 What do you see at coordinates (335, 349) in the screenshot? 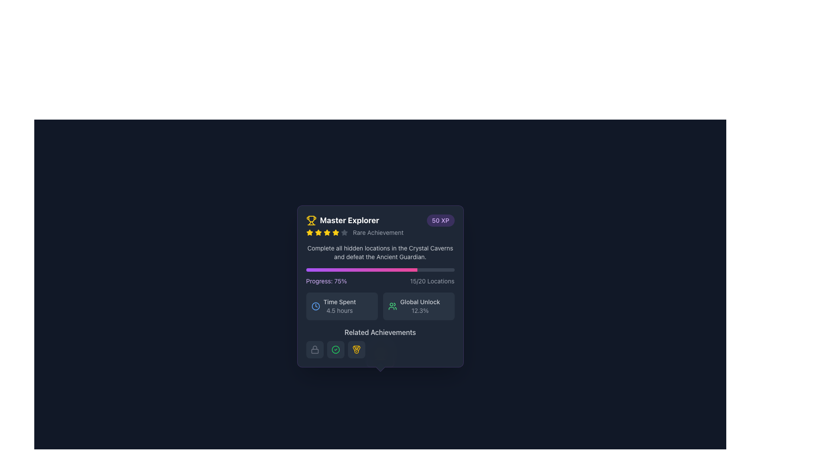
I see `the second circular icon button containing a green checkmark in the 'Related Achievements' section, which is styled with a dark gray background and a rounded, semi-transparent gray square` at bounding box center [335, 349].